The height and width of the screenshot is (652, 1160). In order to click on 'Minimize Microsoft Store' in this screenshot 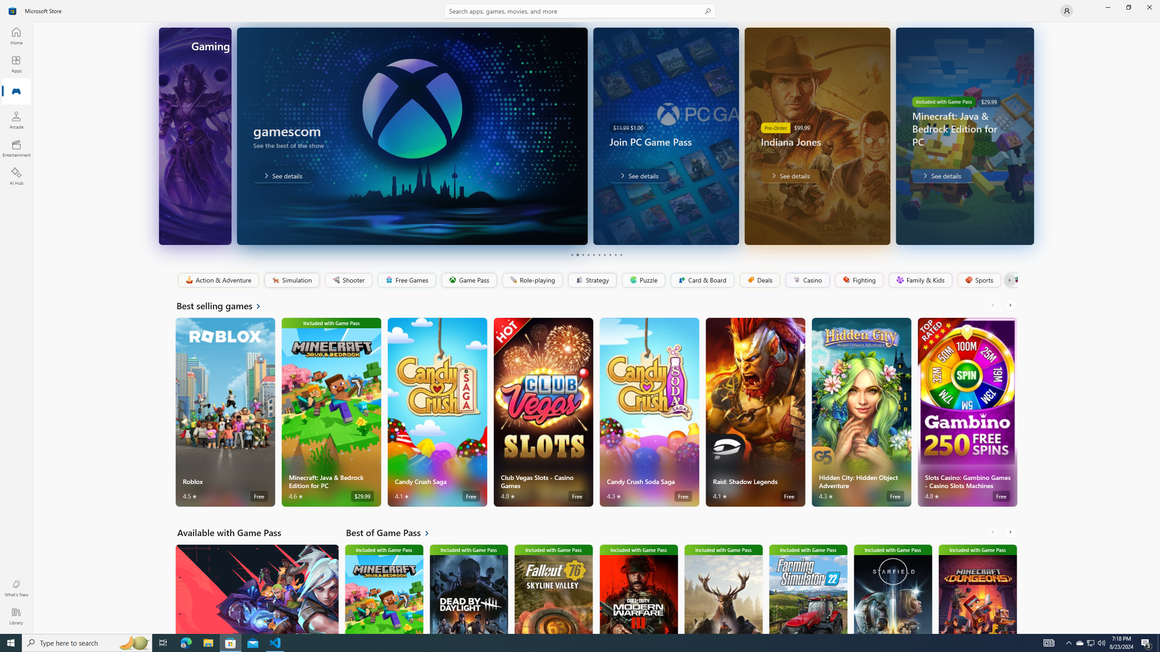, I will do `click(1107, 7)`.